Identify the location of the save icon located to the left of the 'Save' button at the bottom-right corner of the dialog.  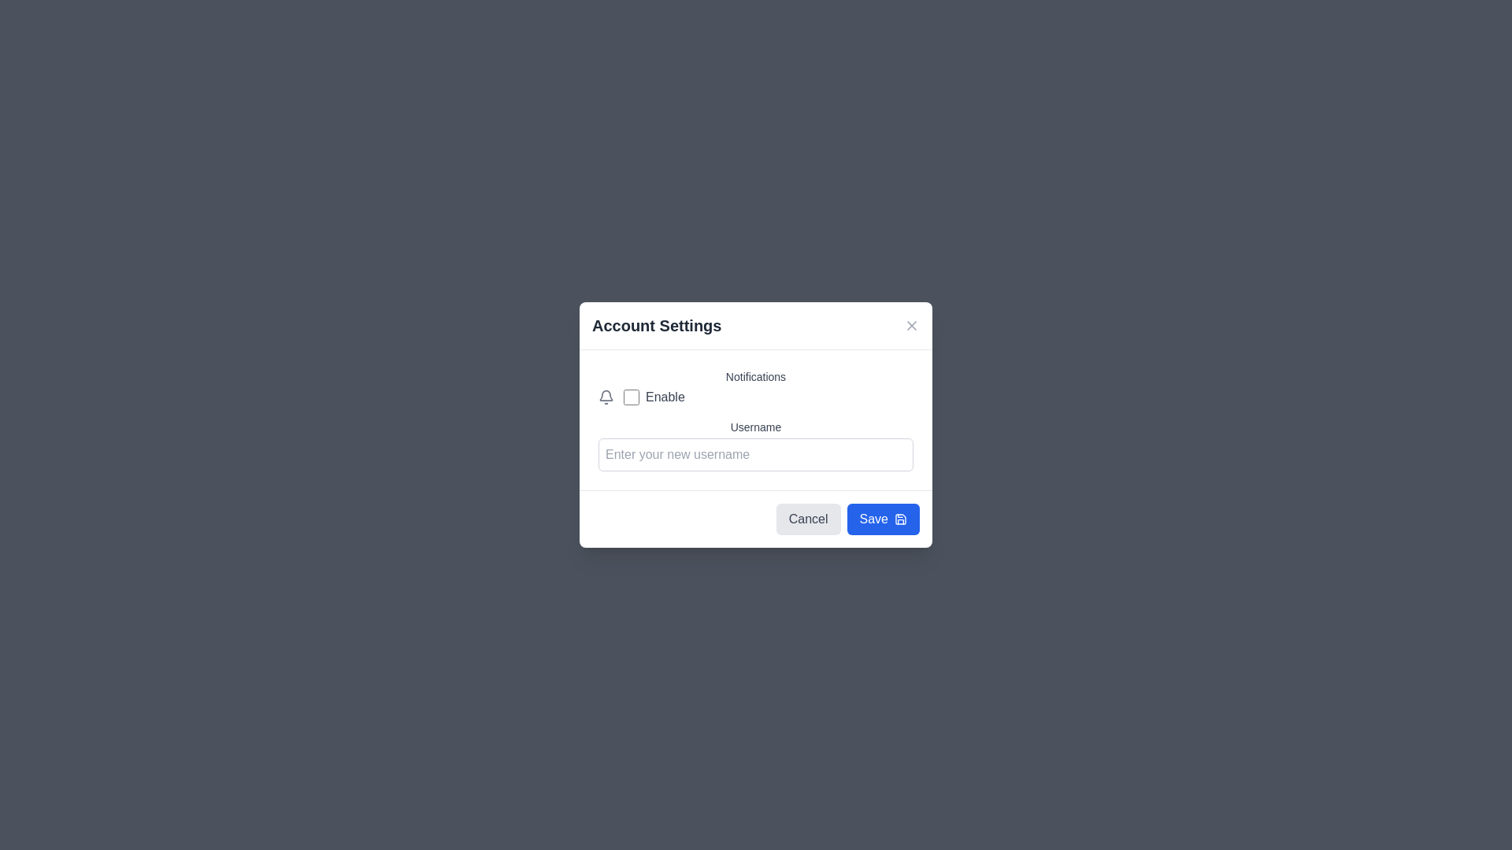
(900, 519).